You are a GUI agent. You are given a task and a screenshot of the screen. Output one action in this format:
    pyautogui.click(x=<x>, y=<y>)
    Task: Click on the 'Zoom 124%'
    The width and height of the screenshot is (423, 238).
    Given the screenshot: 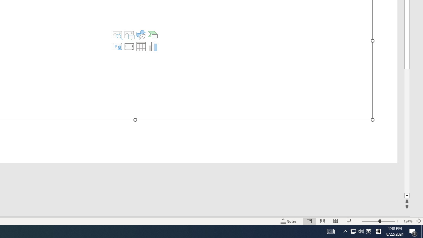 What is the action you would take?
    pyautogui.click(x=407, y=221)
    